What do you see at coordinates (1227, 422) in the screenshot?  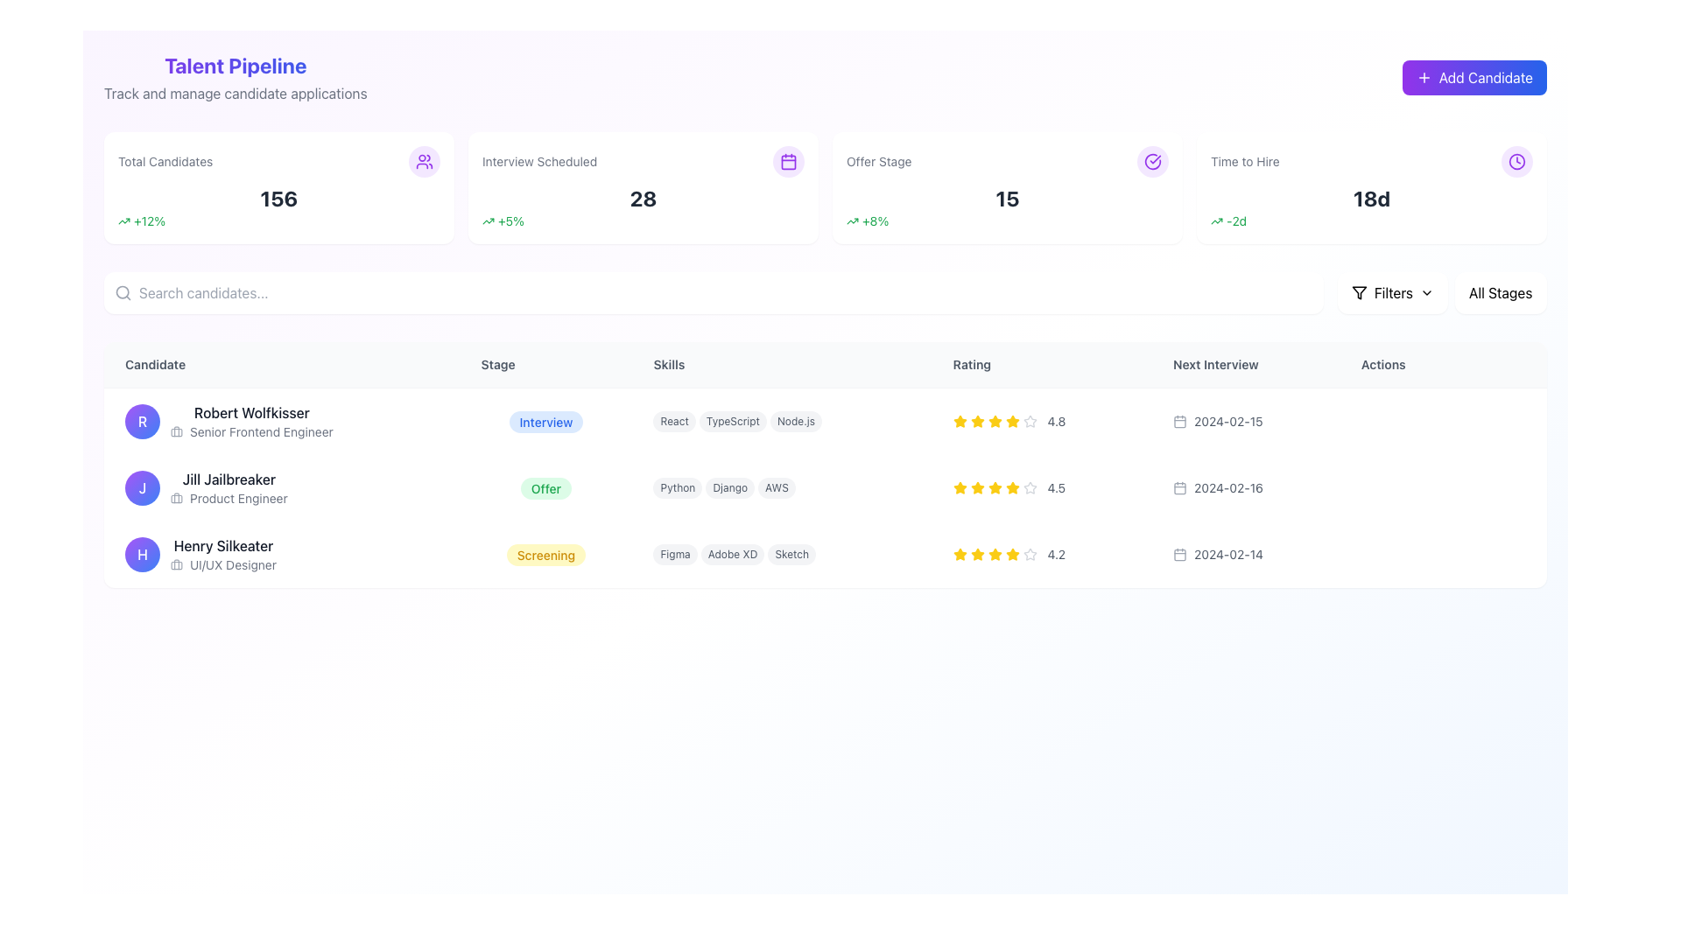 I see `the text element displaying the date '2024-02-15' in the 'Next Interview' column of the first row of the table` at bounding box center [1227, 422].